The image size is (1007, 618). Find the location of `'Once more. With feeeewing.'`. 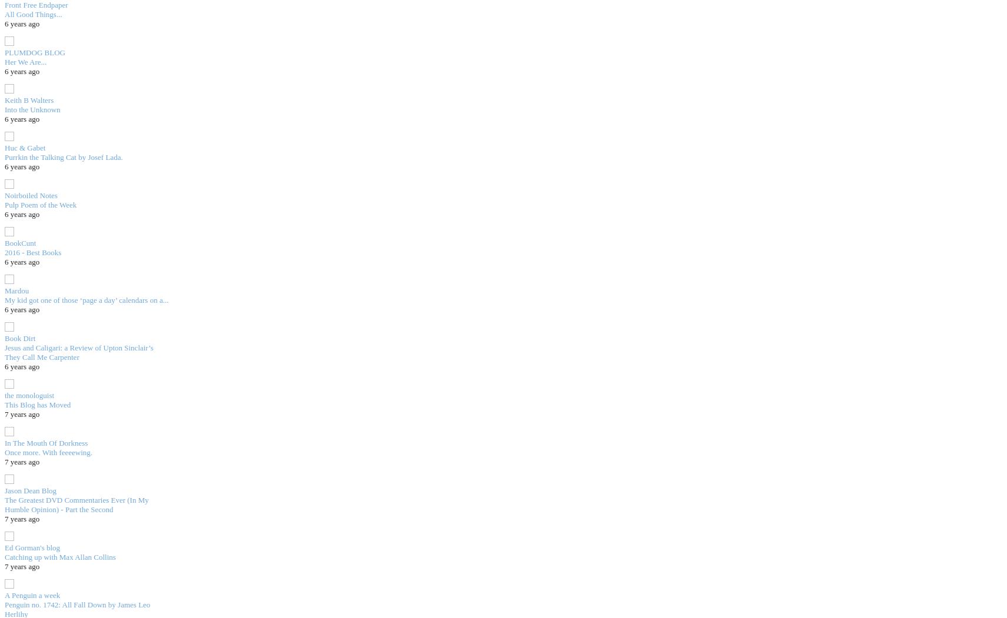

'Once more. With feeeewing.' is located at coordinates (4, 452).